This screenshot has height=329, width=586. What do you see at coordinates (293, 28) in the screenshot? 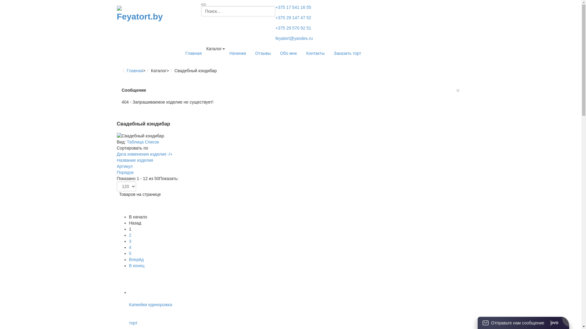
I see `'+375 29 570 92 51'` at bounding box center [293, 28].